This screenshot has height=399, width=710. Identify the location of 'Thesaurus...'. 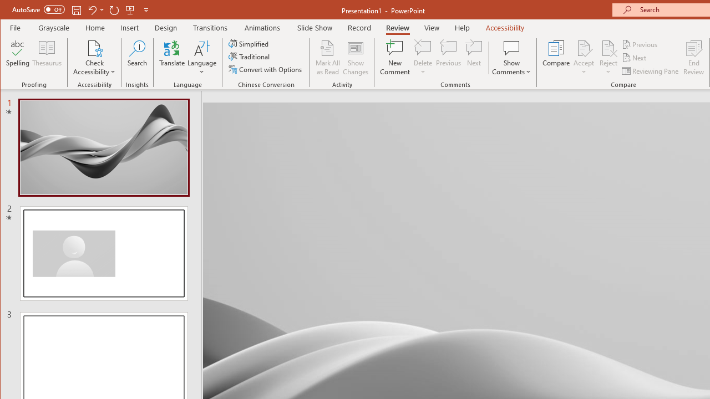
(47, 58).